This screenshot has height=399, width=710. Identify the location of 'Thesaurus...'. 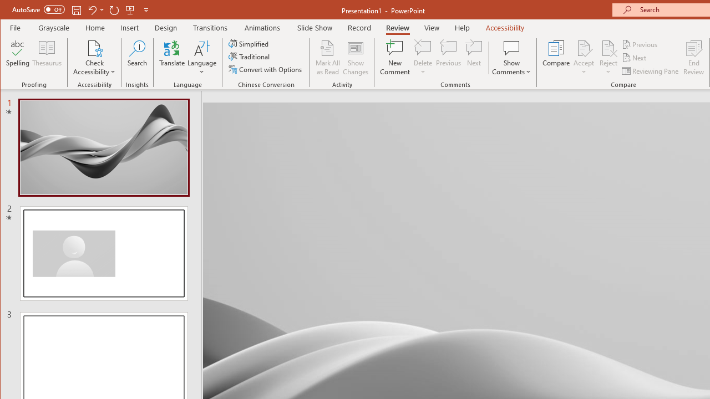
(47, 58).